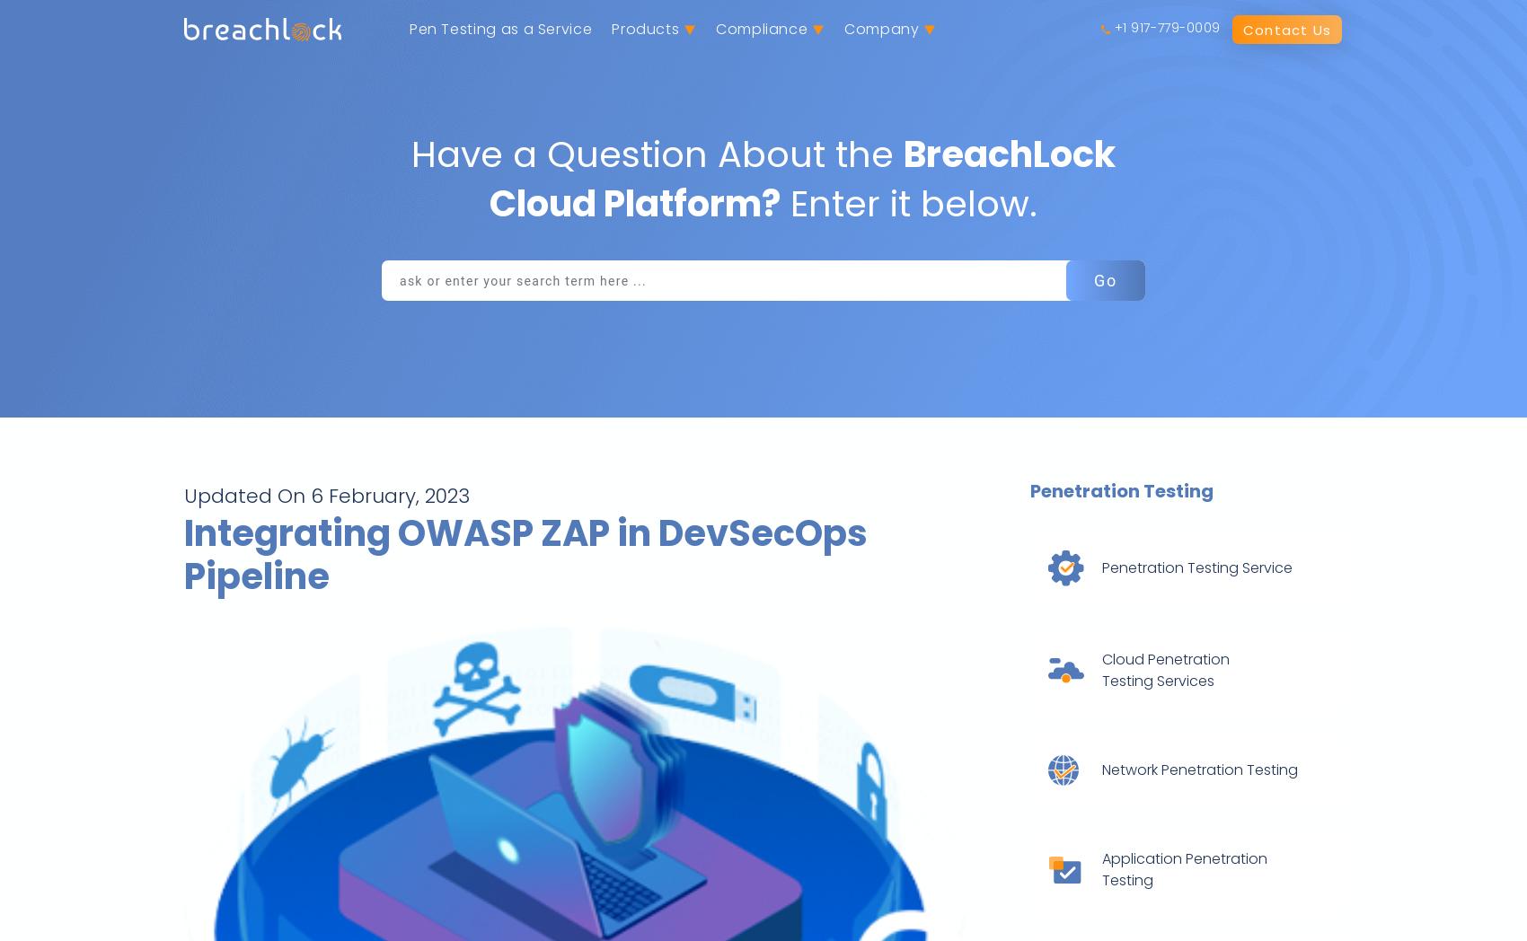 Image resolution: width=1527 pixels, height=941 pixels. What do you see at coordinates (1100, 567) in the screenshot?
I see `'Penetration Testing Service'` at bounding box center [1100, 567].